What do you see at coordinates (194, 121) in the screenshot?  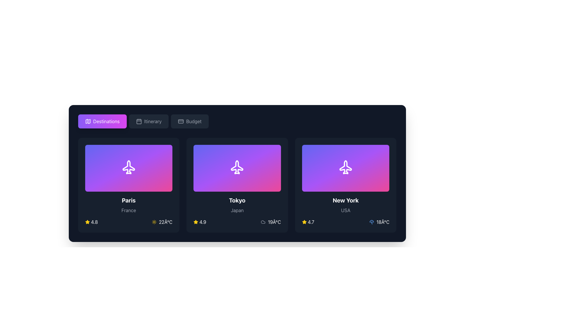 I see `the text label displaying 'Budget', which is the third button from the left in a row of navigation buttons, to trigger any hover effects` at bounding box center [194, 121].